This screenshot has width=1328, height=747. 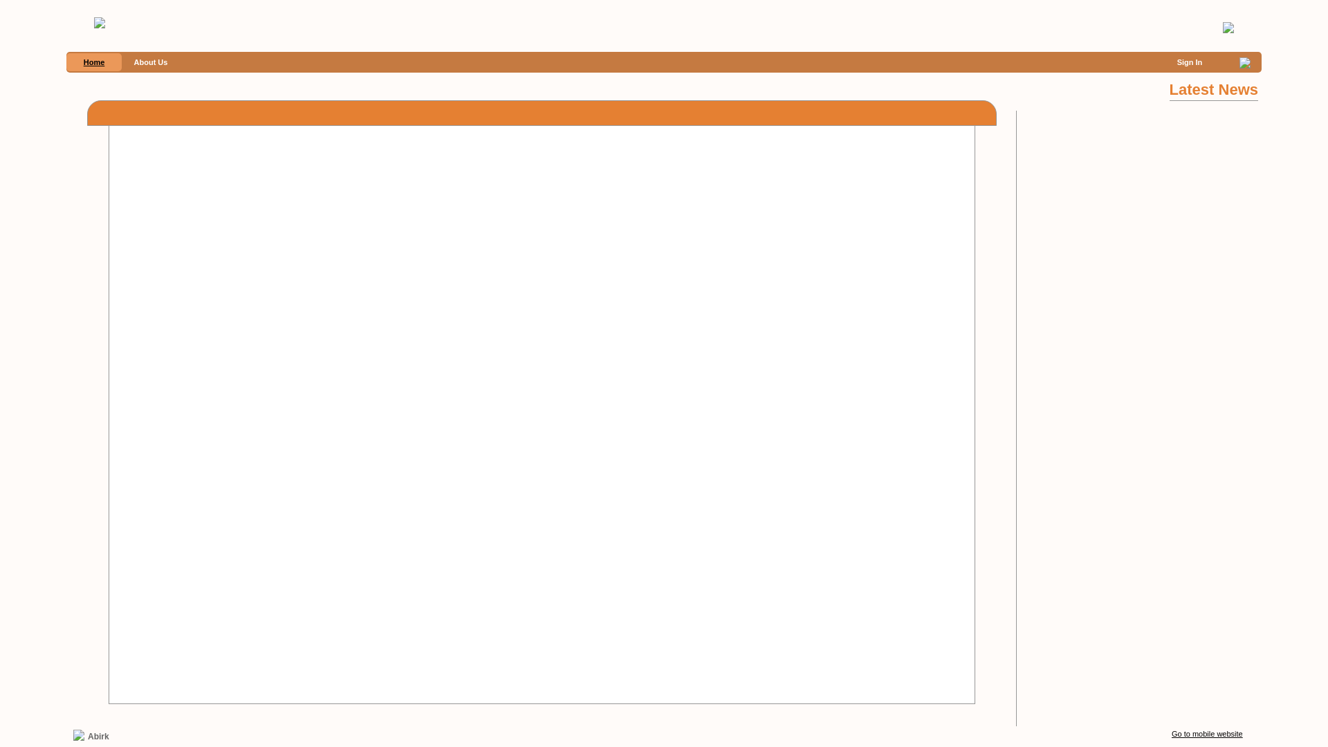 What do you see at coordinates (1188, 61) in the screenshot?
I see `'Sign In'` at bounding box center [1188, 61].